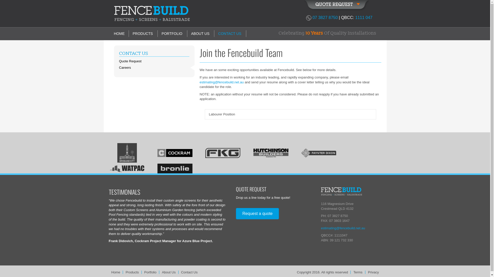 Image resolution: width=494 pixels, height=277 pixels. What do you see at coordinates (150, 272) in the screenshot?
I see `'Portfolio'` at bounding box center [150, 272].